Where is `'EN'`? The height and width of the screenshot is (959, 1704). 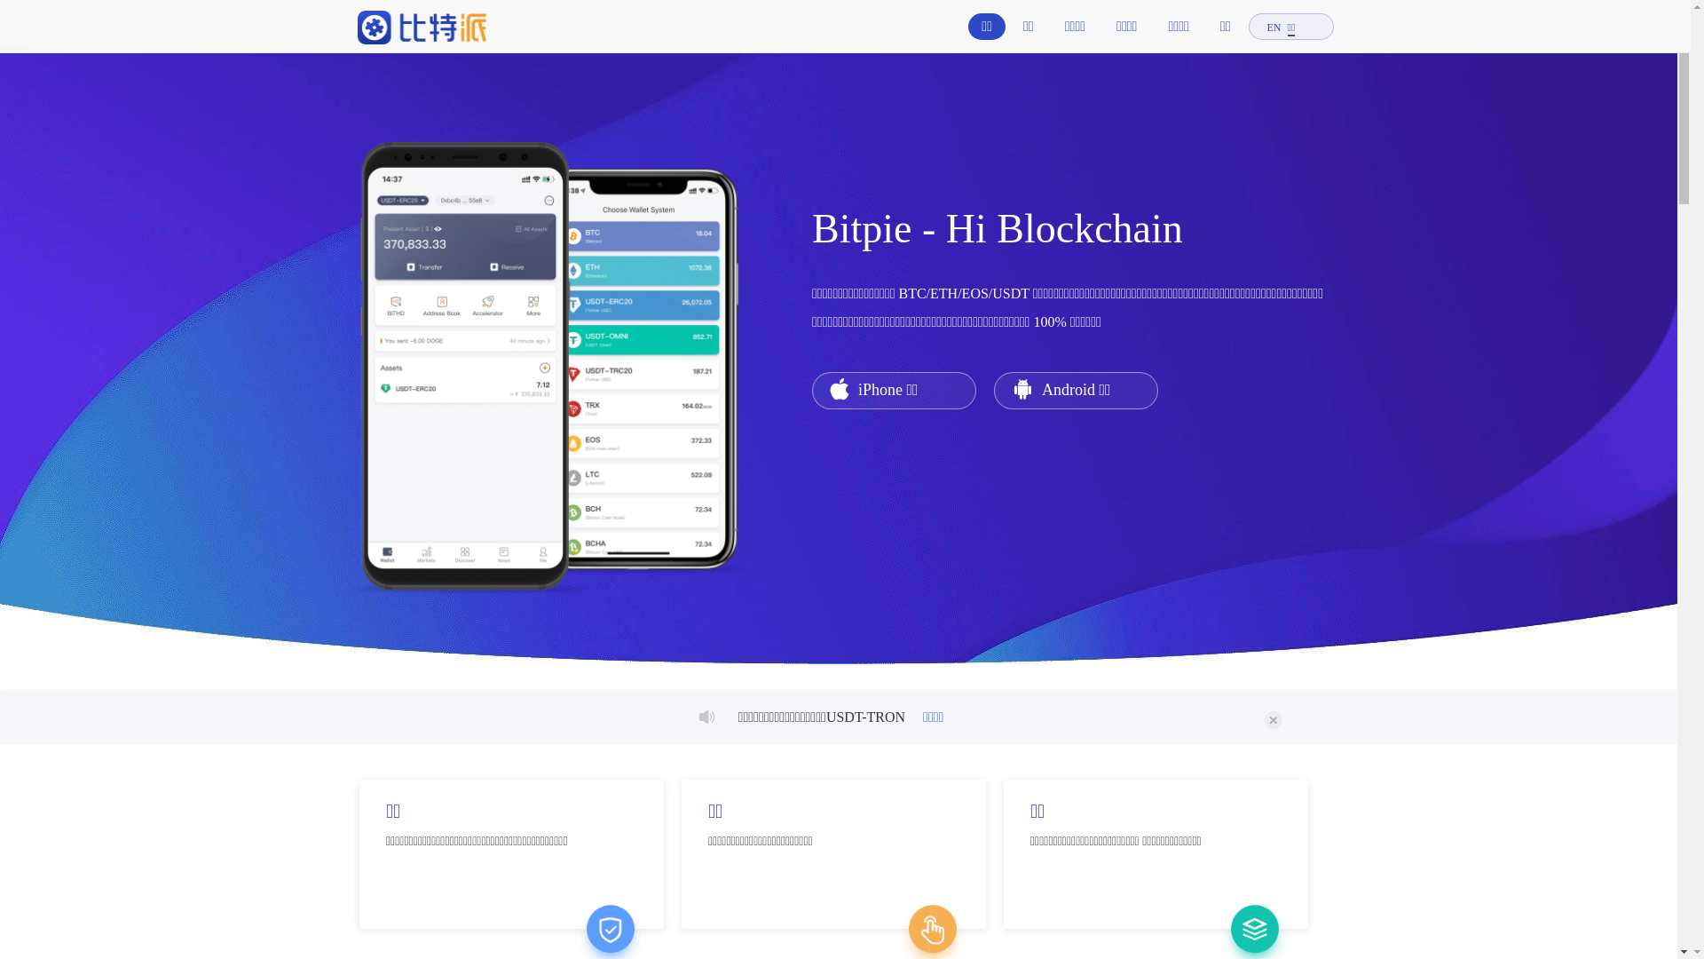 'EN' is located at coordinates (1273, 28).